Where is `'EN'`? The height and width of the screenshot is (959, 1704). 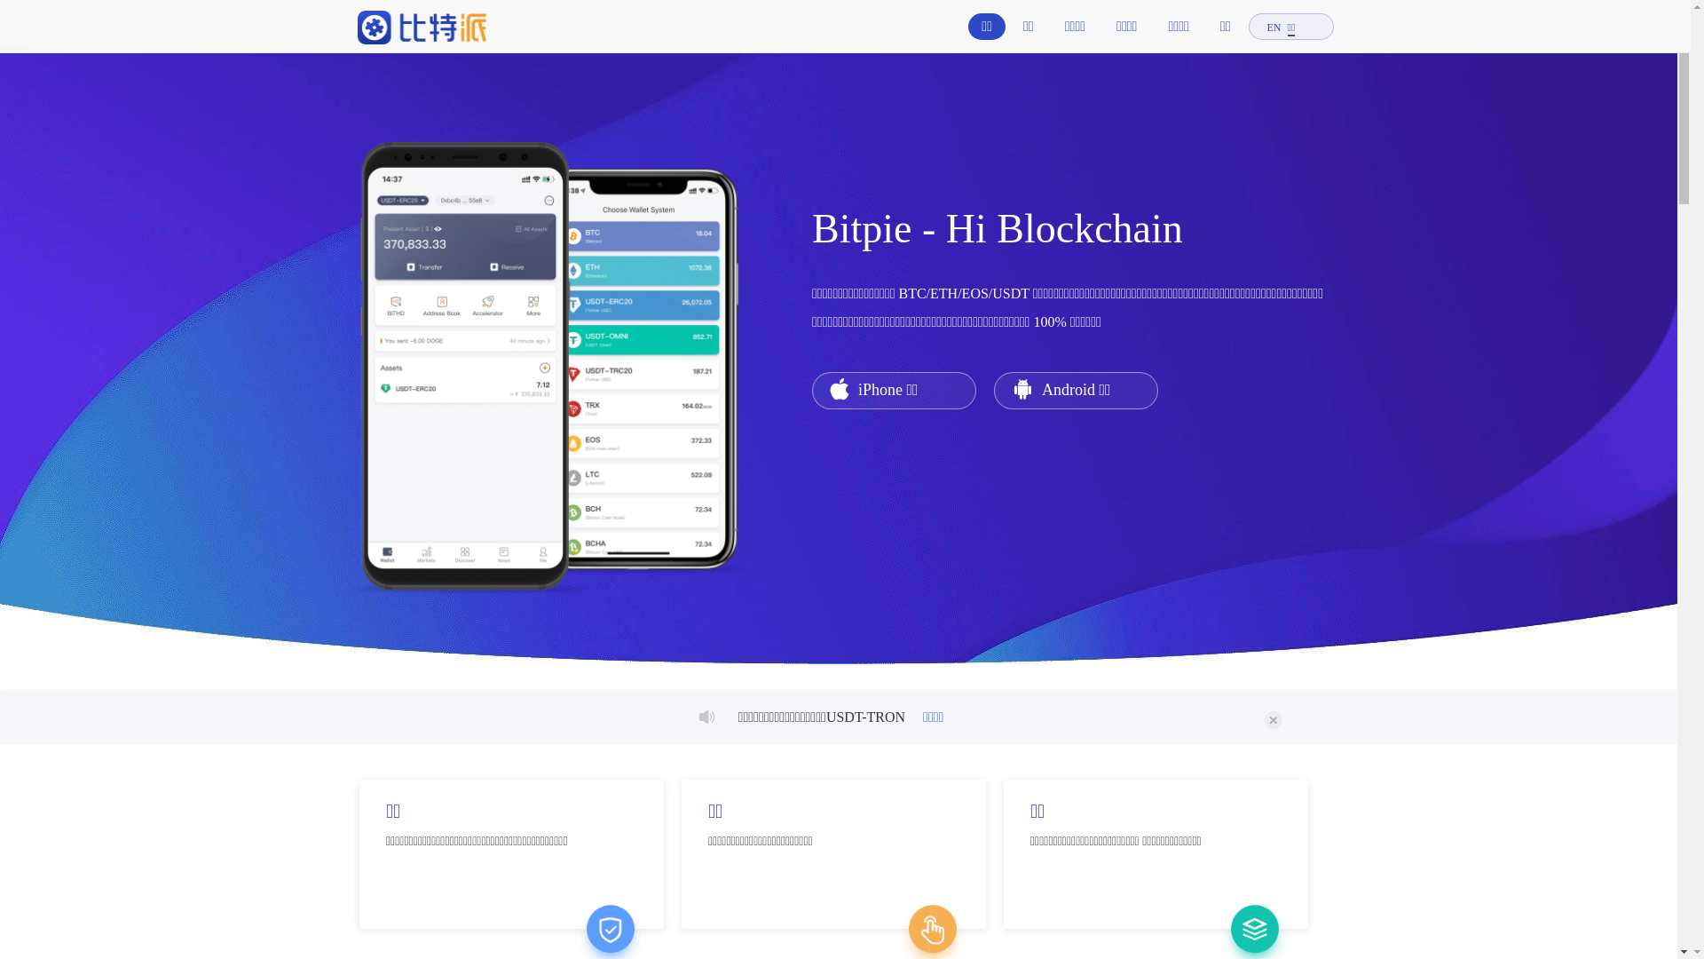 'EN' is located at coordinates (1273, 28).